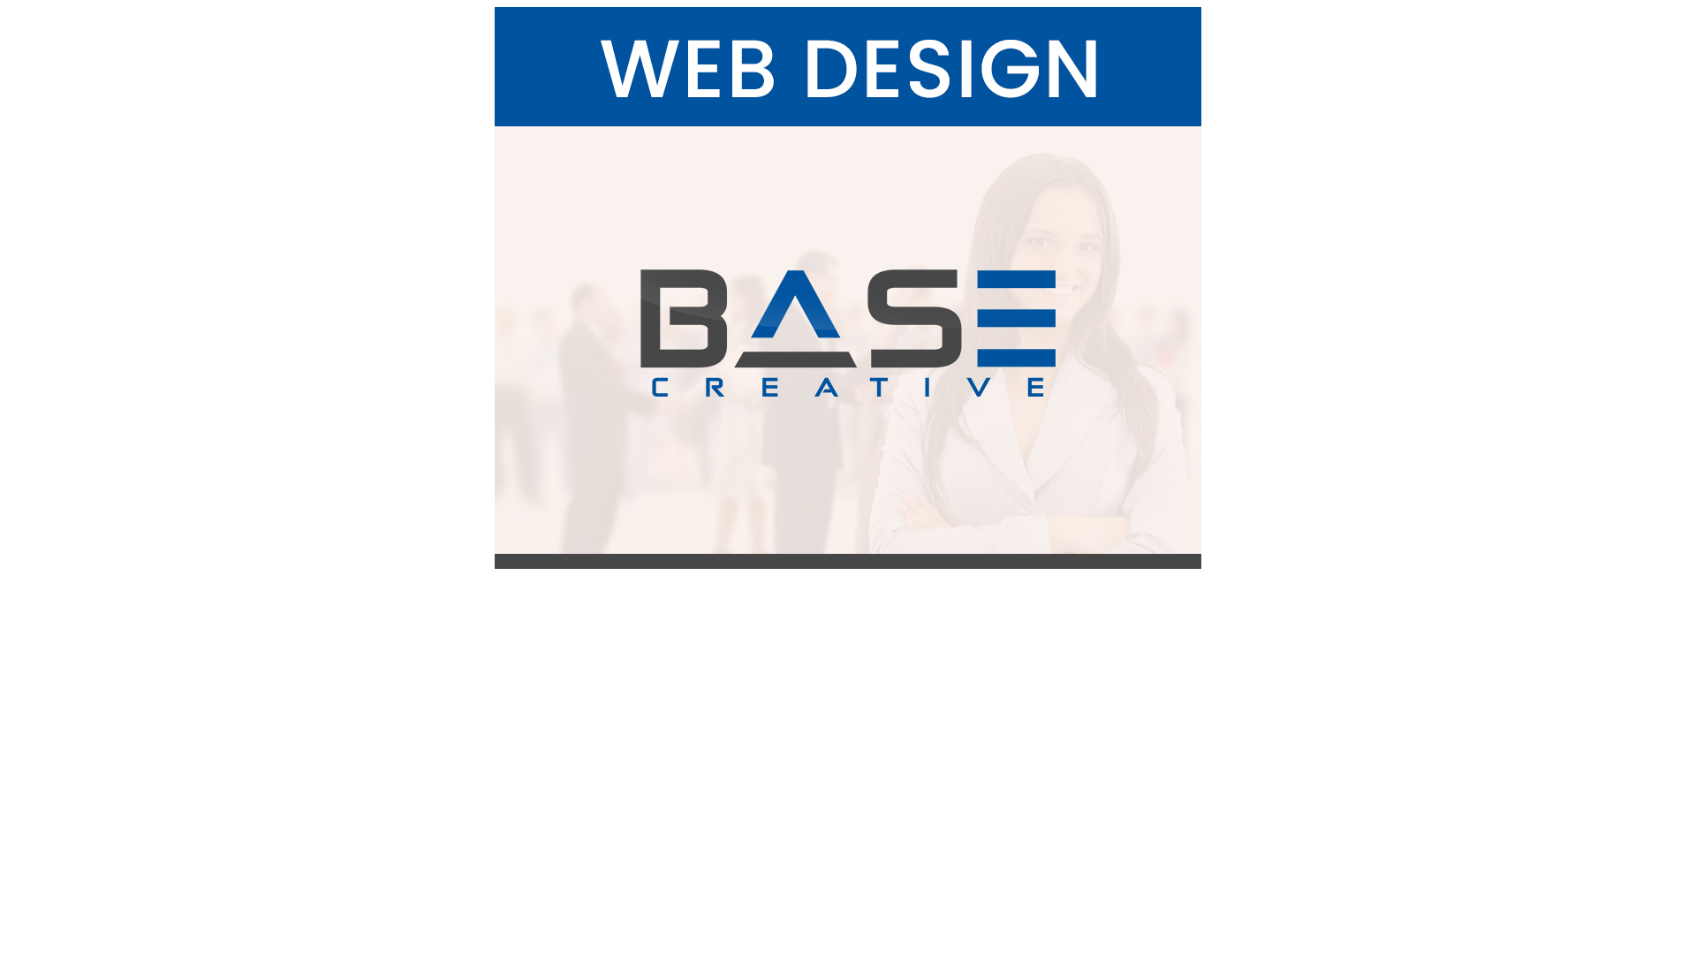 The width and height of the screenshot is (1696, 954). What do you see at coordinates (848, 287) in the screenshot?
I see `'Web Design'` at bounding box center [848, 287].